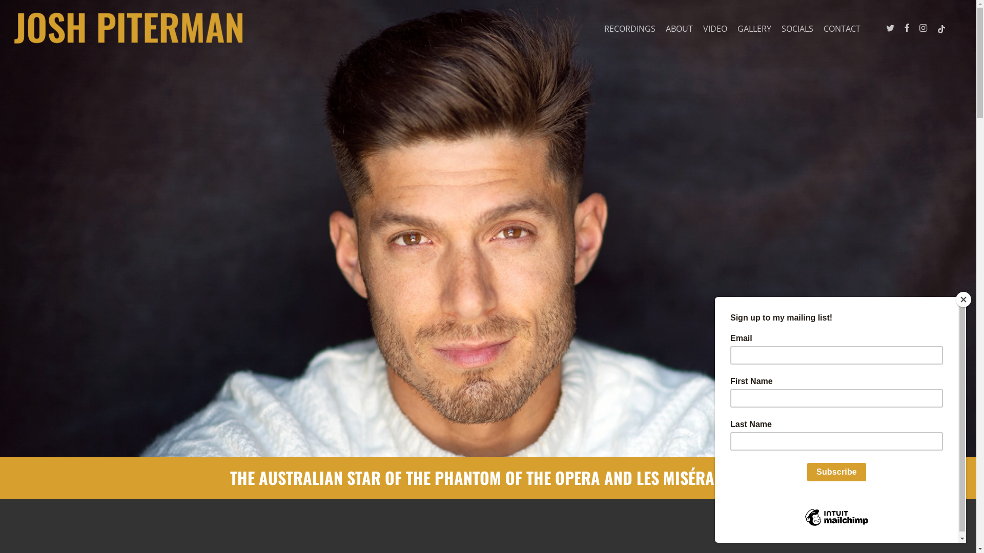  I want to click on 'CONTACT', so click(842, 28).